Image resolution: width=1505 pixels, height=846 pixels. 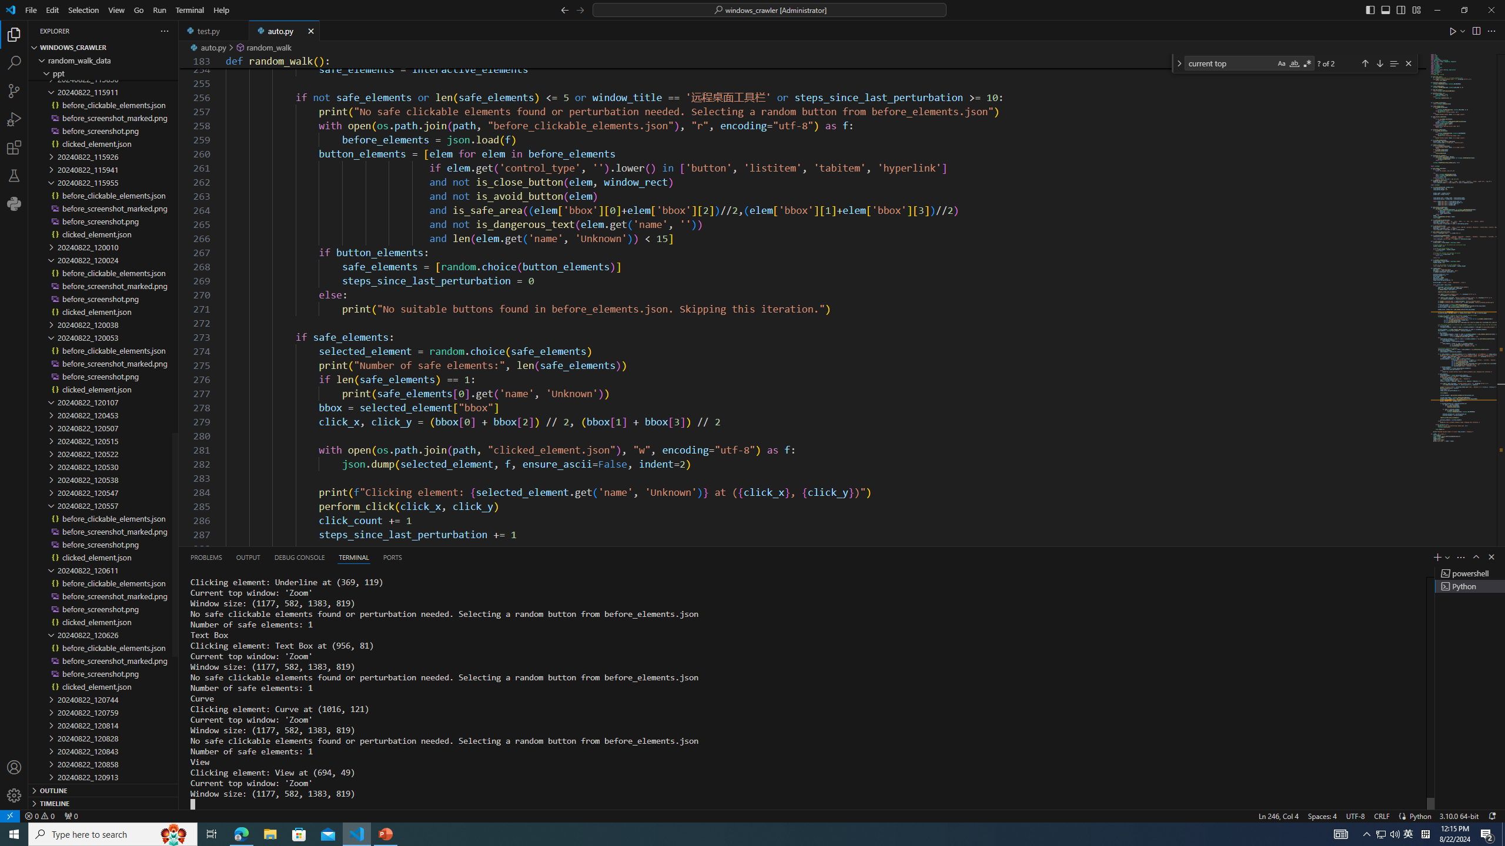 I want to click on 'Close (Ctrl+F4)', so click(x=311, y=30).